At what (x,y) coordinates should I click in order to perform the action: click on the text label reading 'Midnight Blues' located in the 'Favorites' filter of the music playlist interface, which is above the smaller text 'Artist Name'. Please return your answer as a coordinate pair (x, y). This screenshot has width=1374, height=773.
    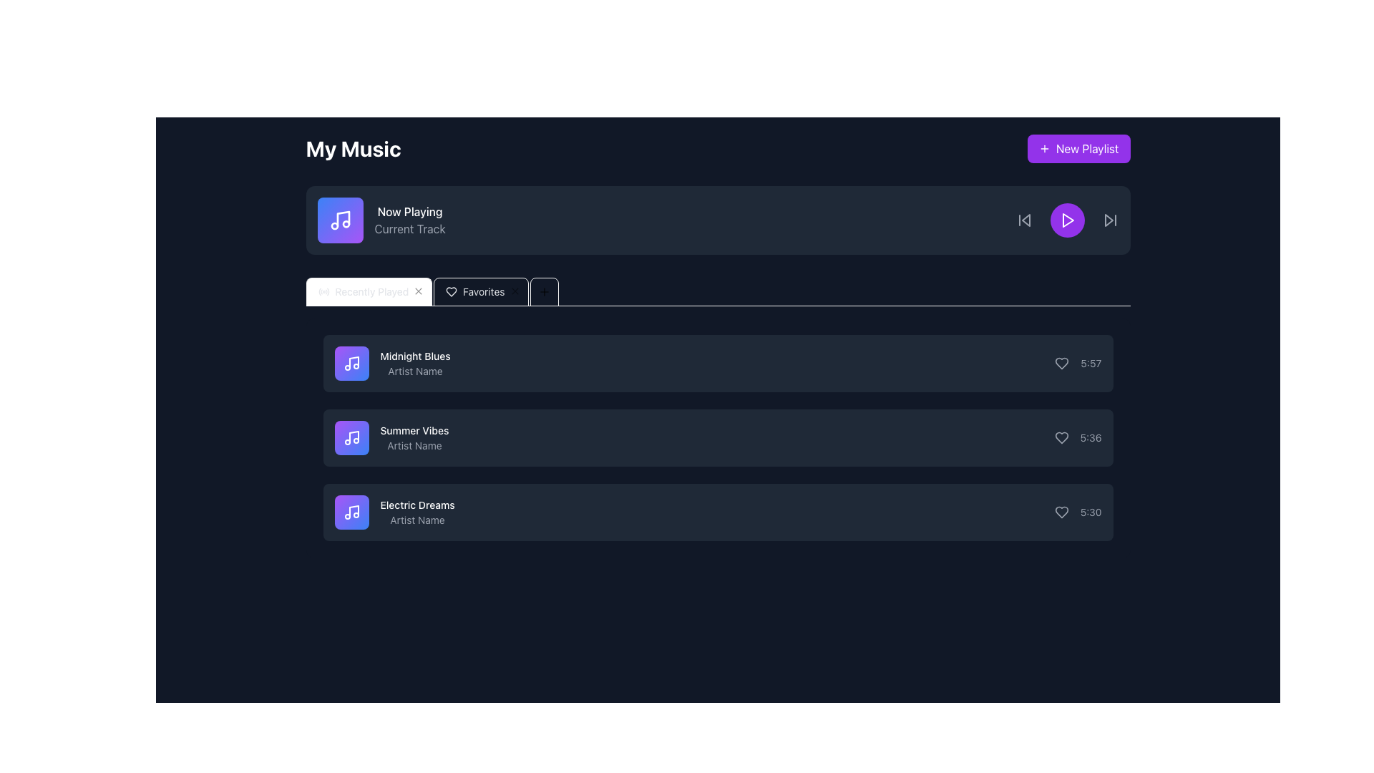
    Looking at the image, I should click on (414, 355).